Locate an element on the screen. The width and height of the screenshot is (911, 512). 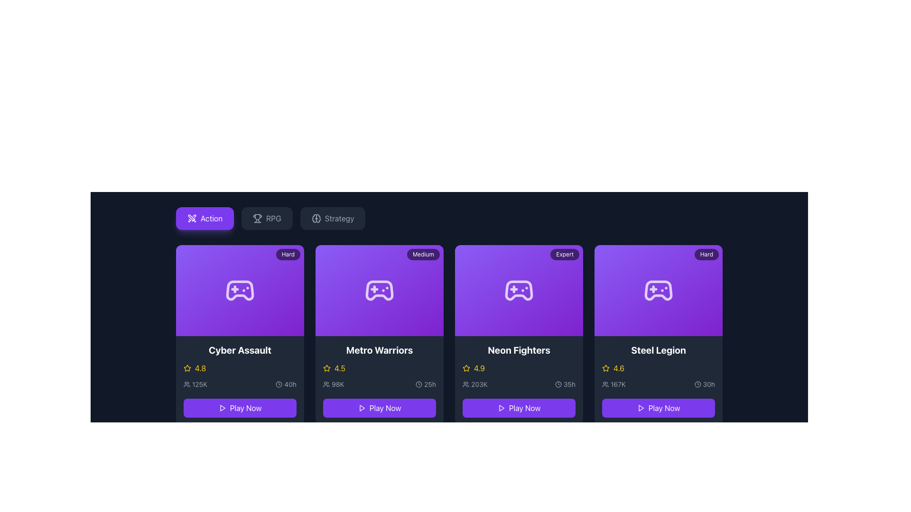
the static text label displaying '167K' located within the 'Steel Legion' card, positioned below the star rating and to the left of a time indicator is located at coordinates (618, 384).